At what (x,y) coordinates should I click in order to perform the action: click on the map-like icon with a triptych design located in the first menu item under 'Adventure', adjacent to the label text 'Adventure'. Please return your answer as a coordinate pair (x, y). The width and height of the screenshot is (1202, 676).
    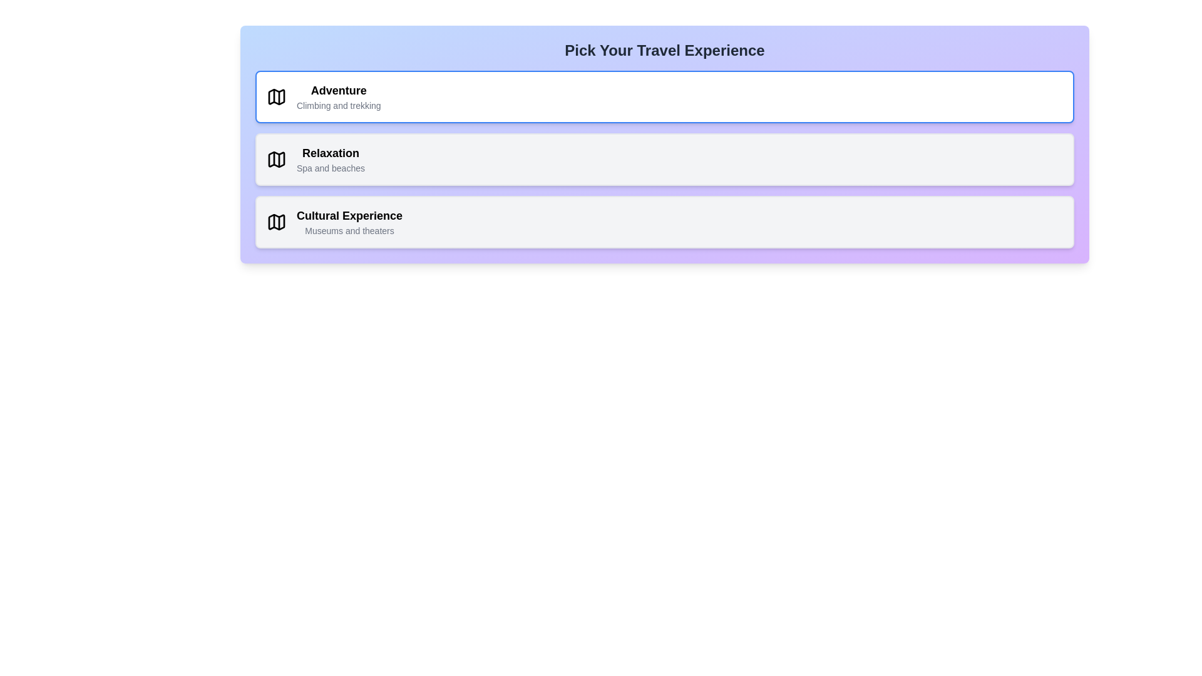
    Looking at the image, I should click on (275, 96).